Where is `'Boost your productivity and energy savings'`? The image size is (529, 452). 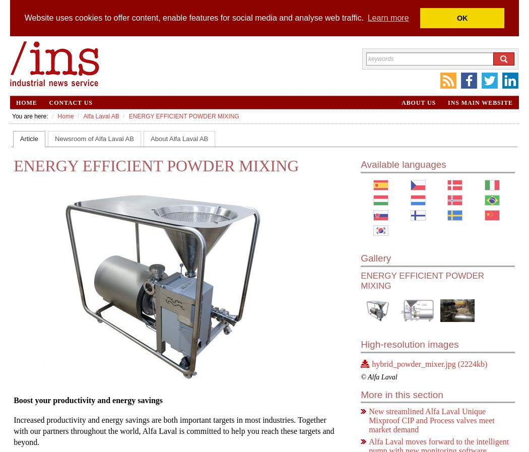
'Boost your productivity and energy savings' is located at coordinates (88, 400).